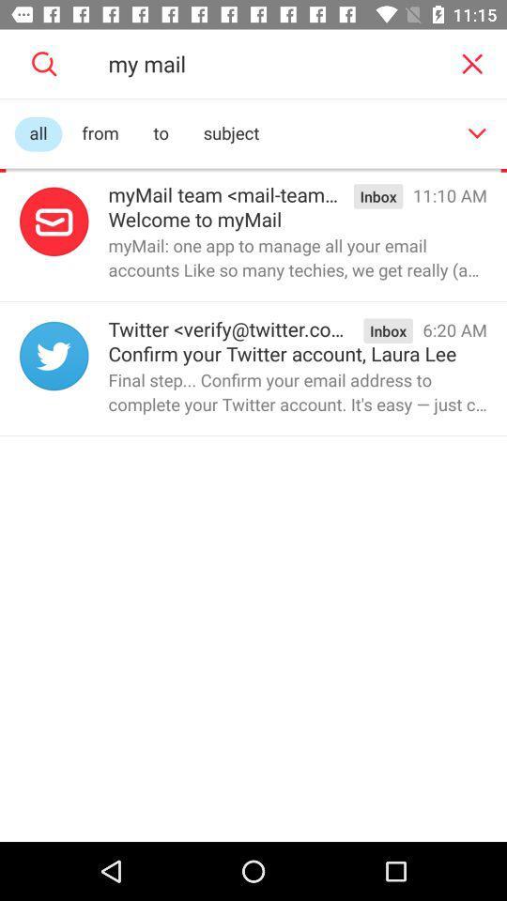  What do you see at coordinates (477, 132) in the screenshot?
I see `scroll down menu button` at bounding box center [477, 132].